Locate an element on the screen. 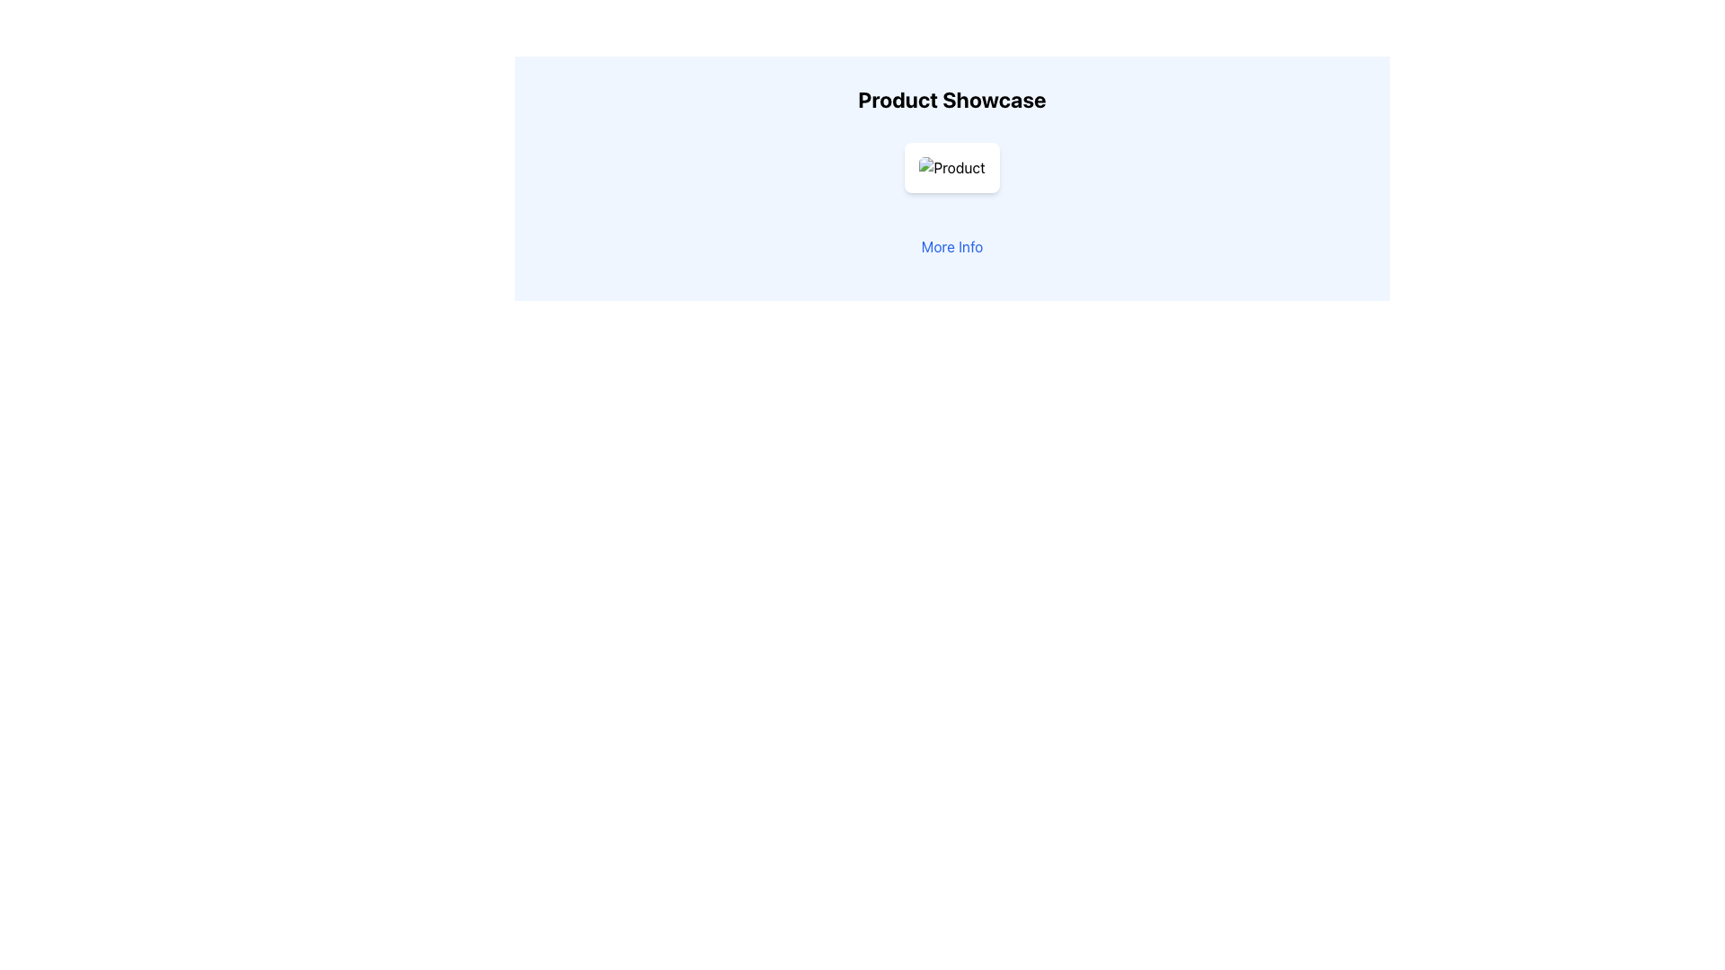 The width and height of the screenshot is (1725, 970). the product image, which is centrally located within the card component, above action buttons and overlays in the 'Product Showcase' section is located at coordinates (951, 167).